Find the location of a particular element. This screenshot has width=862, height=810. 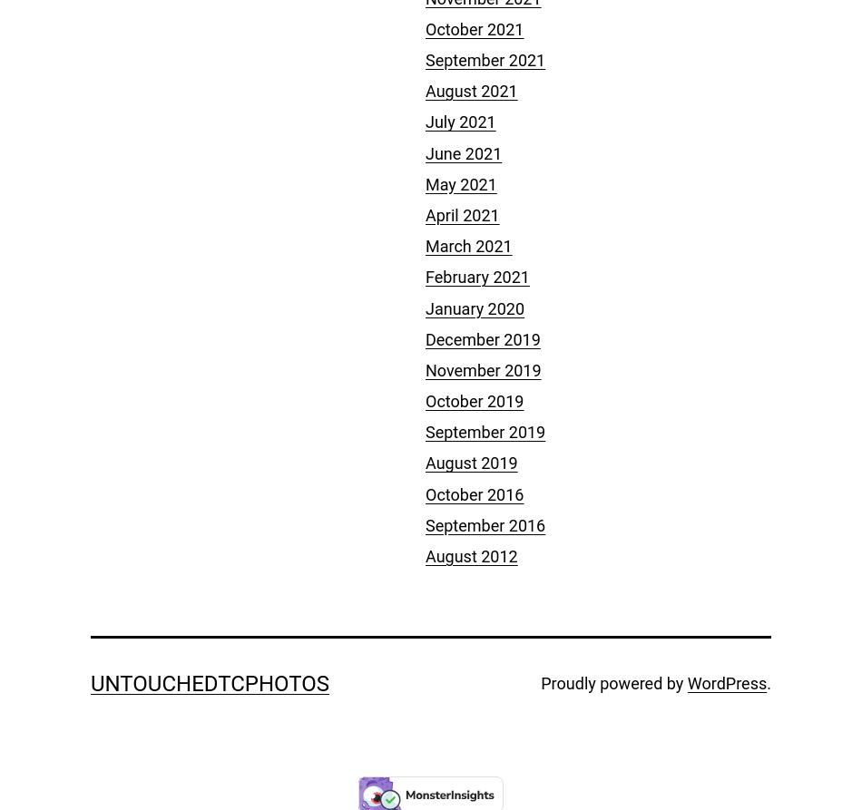

'untouchedtcphotos' is located at coordinates (210, 682).